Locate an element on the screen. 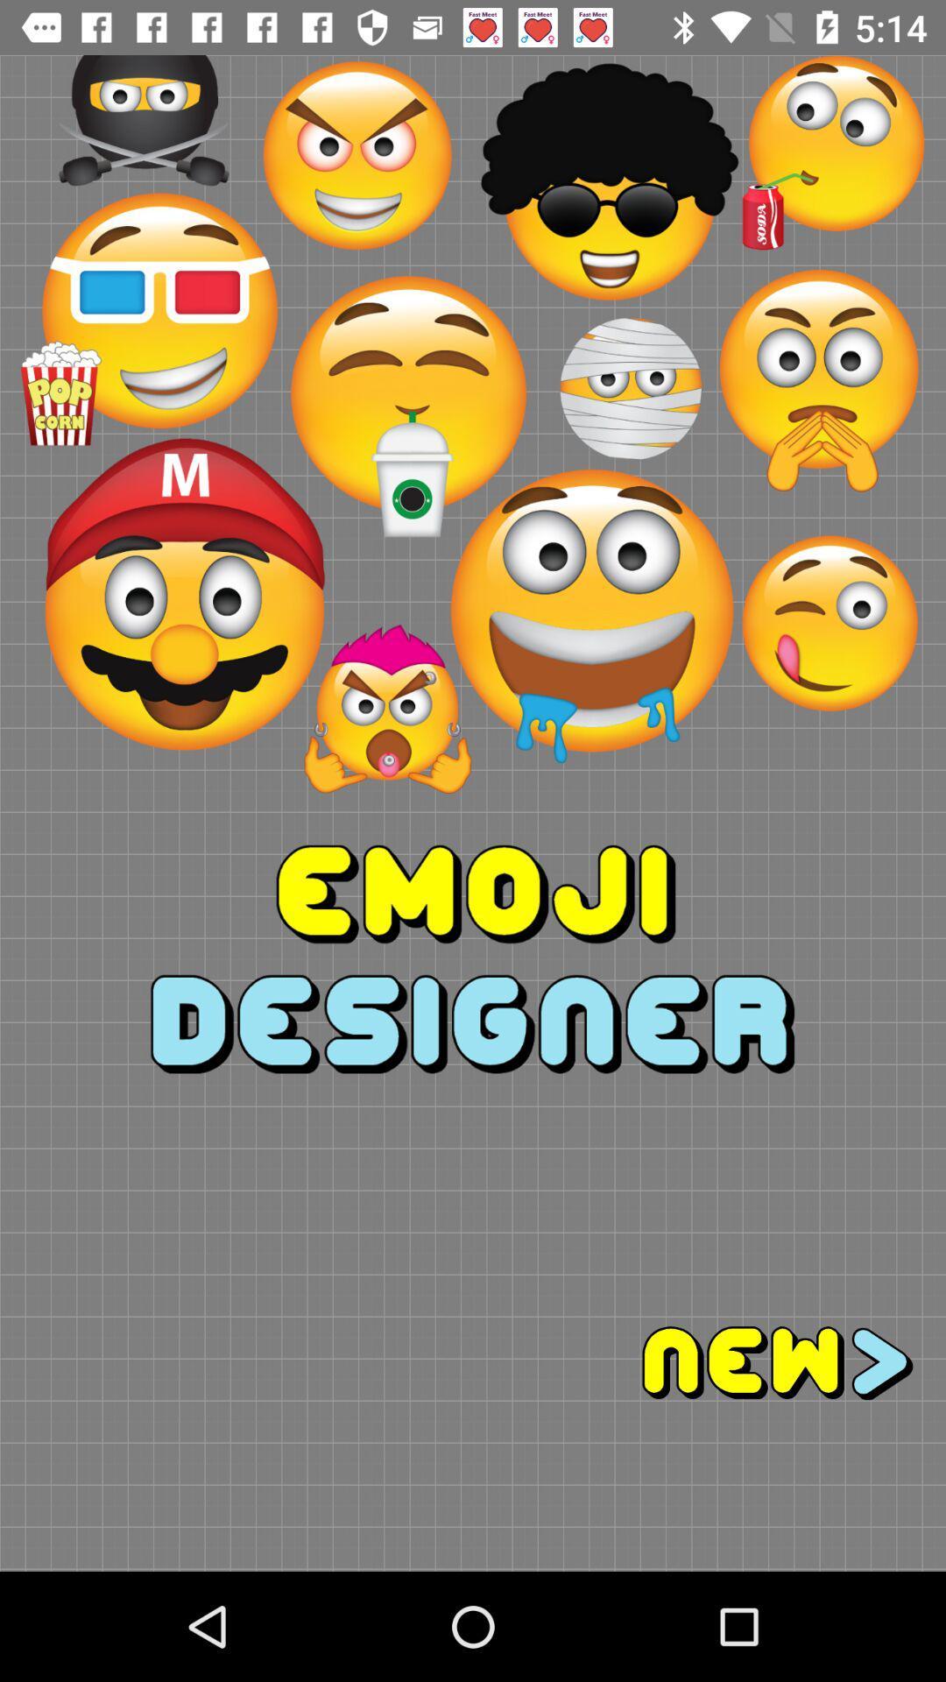  new is located at coordinates (709, 1362).